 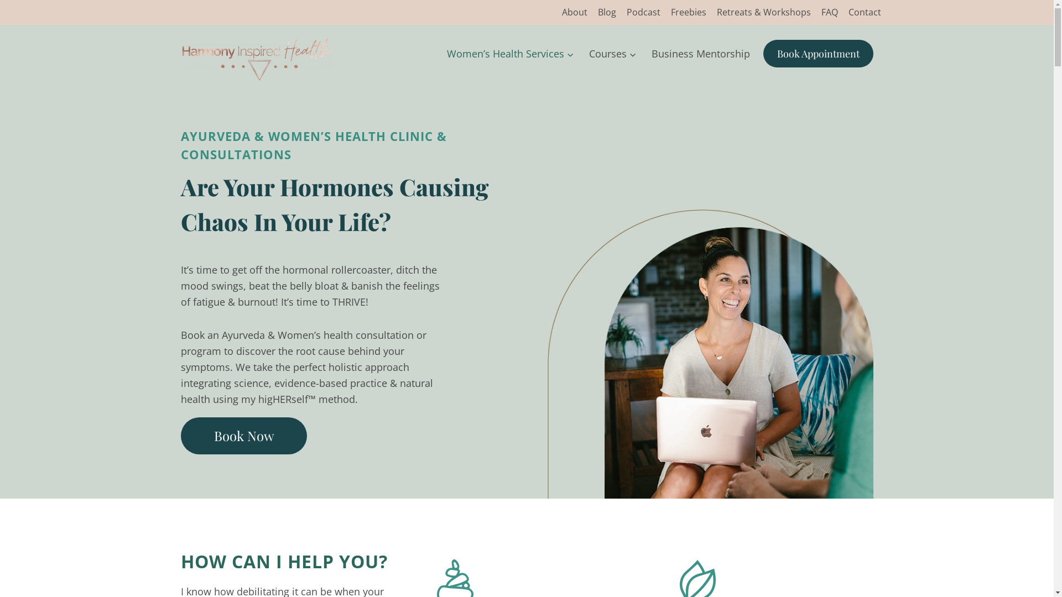 I want to click on 'Book Now', so click(x=243, y=434).